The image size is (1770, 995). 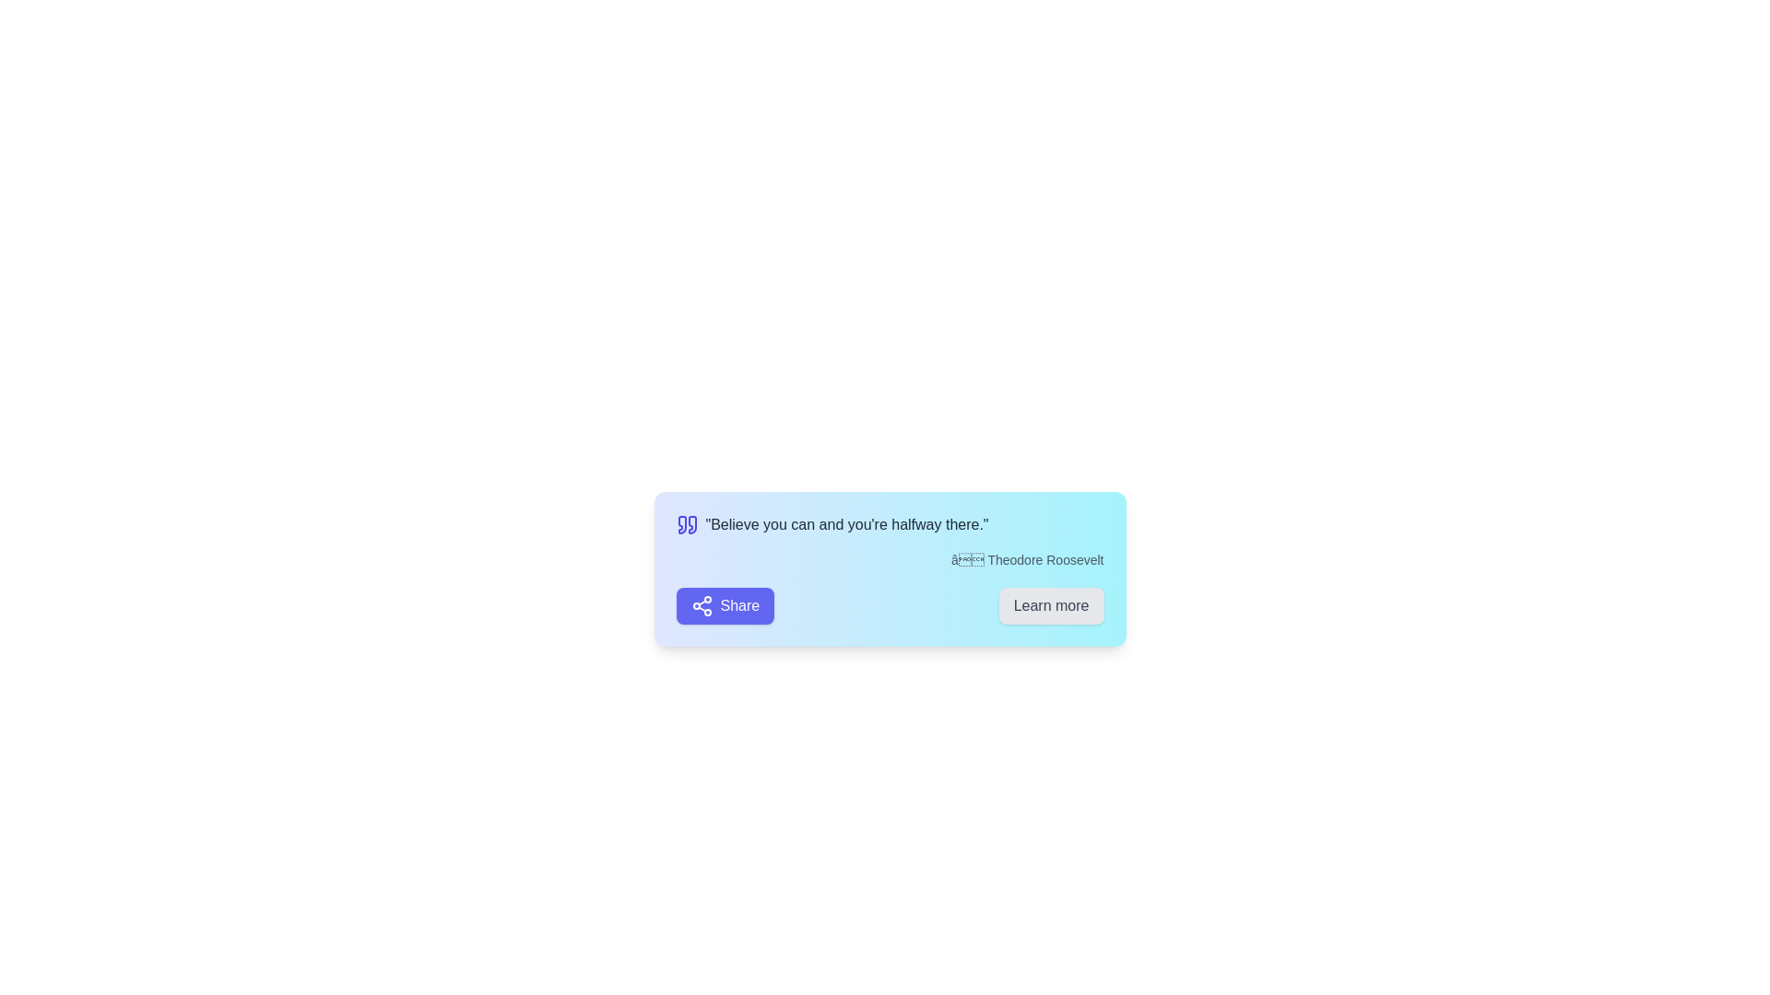 What do you see at coordinates (701, 606) in the screenshot?
I see `the SVG icon within the purple 'Share' button located in the bottom-left corner of the card, positioned to the left of the text 'Share'` at bounding box center [701, 606].